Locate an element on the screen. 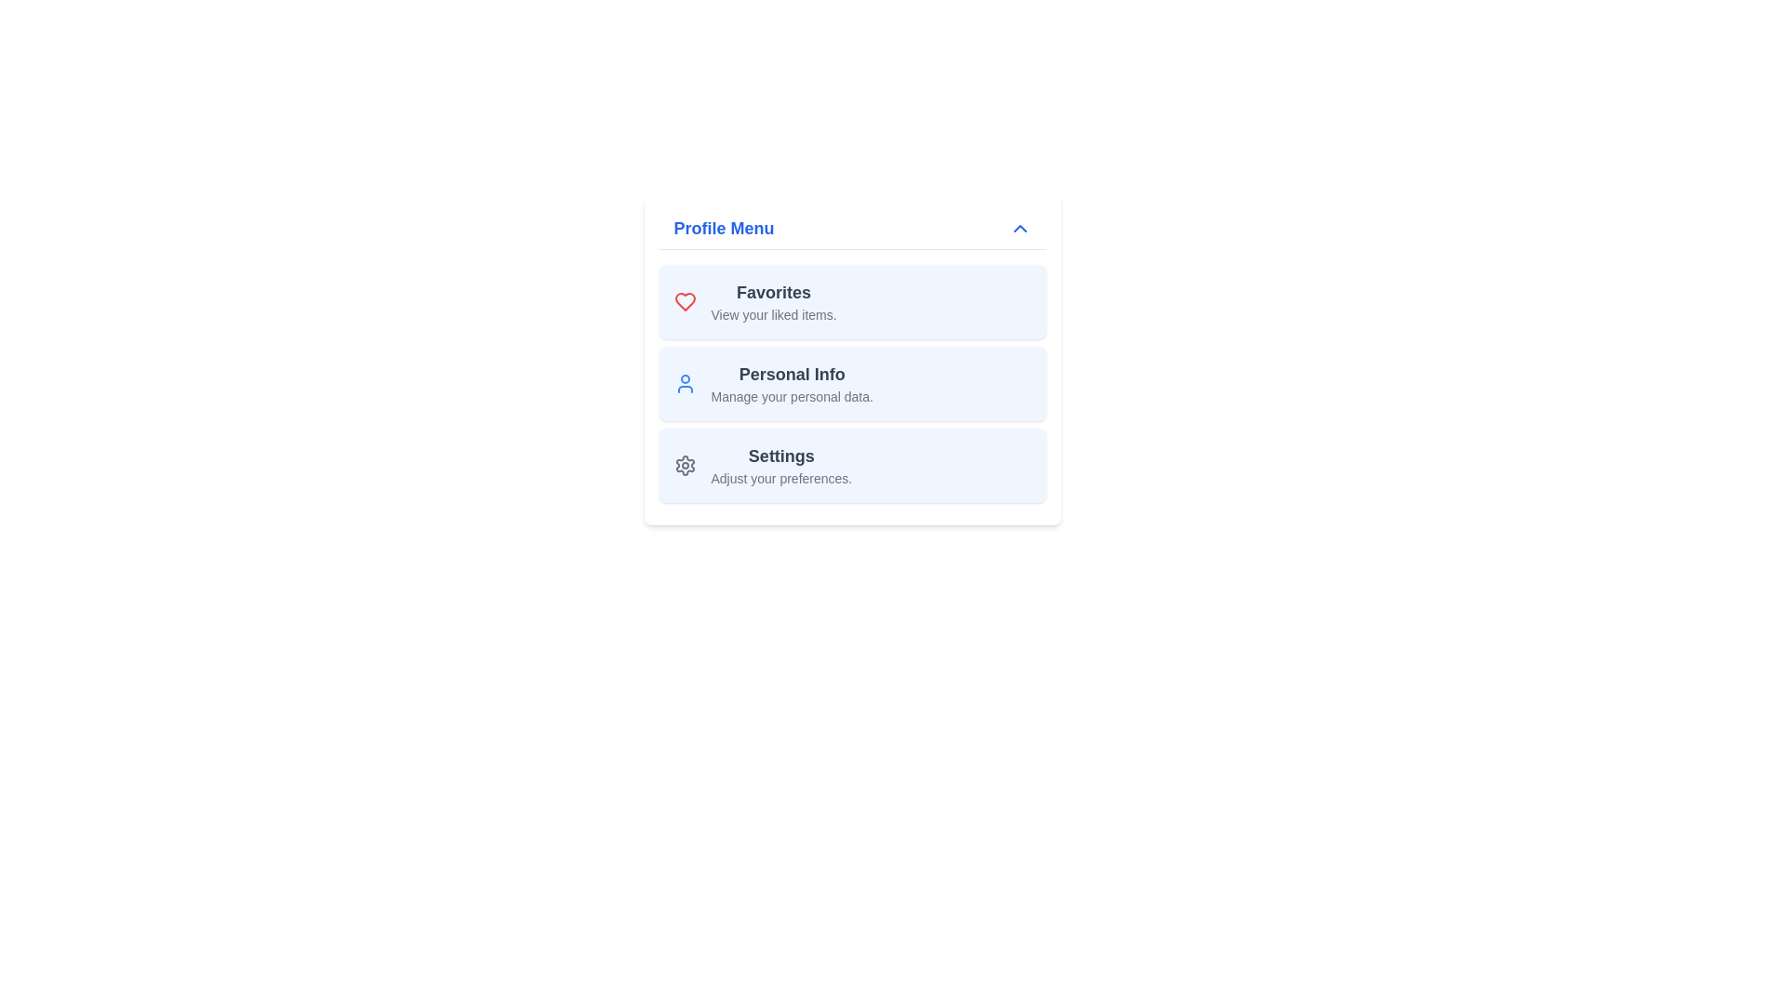 The image size is (1786, 1004). the third card in the list of navigation links is located at coordinates (851, 465).